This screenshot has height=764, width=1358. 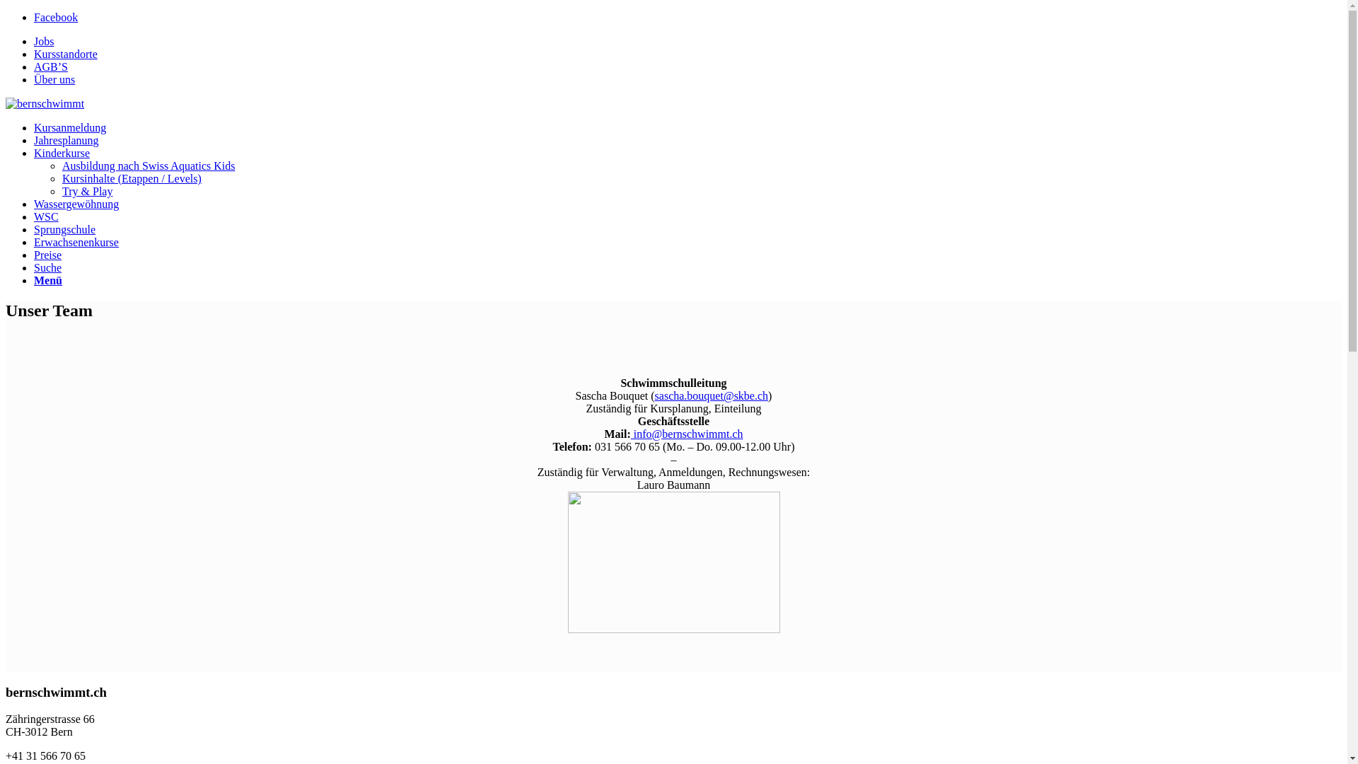 I want to click on 'Kinderkurse', so click(x=61, y=153).